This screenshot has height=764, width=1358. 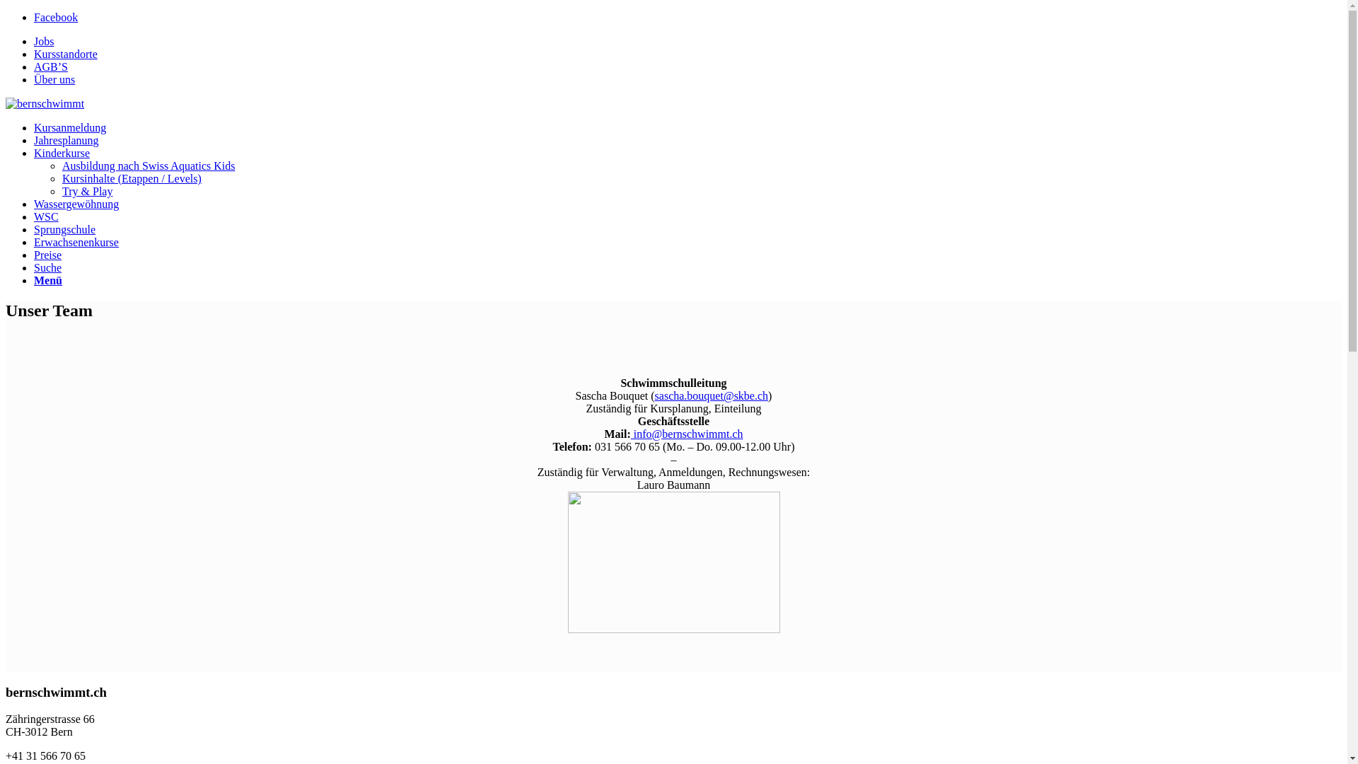 I want to click on 'Kinderkurse', so click(x=61, y=153).